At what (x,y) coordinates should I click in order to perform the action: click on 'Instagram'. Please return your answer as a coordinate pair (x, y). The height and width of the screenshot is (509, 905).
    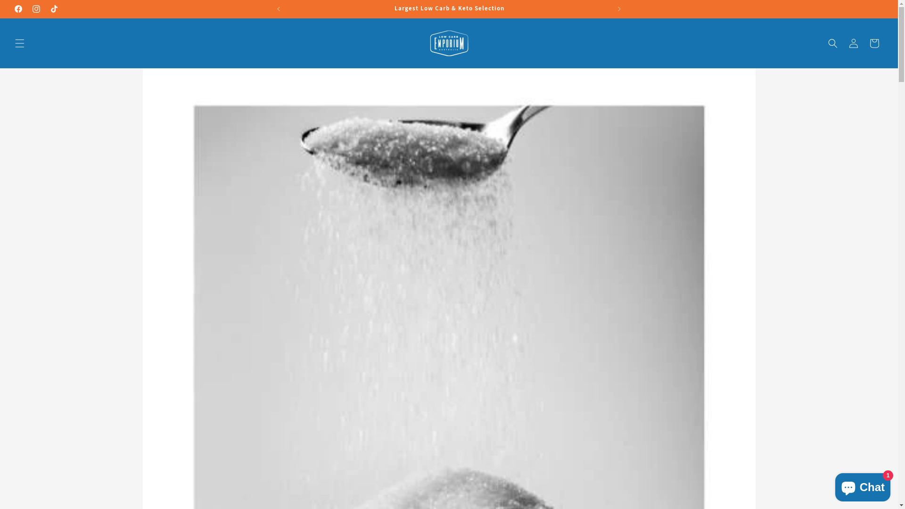
    Looking at the image, I should click on (36, 9).